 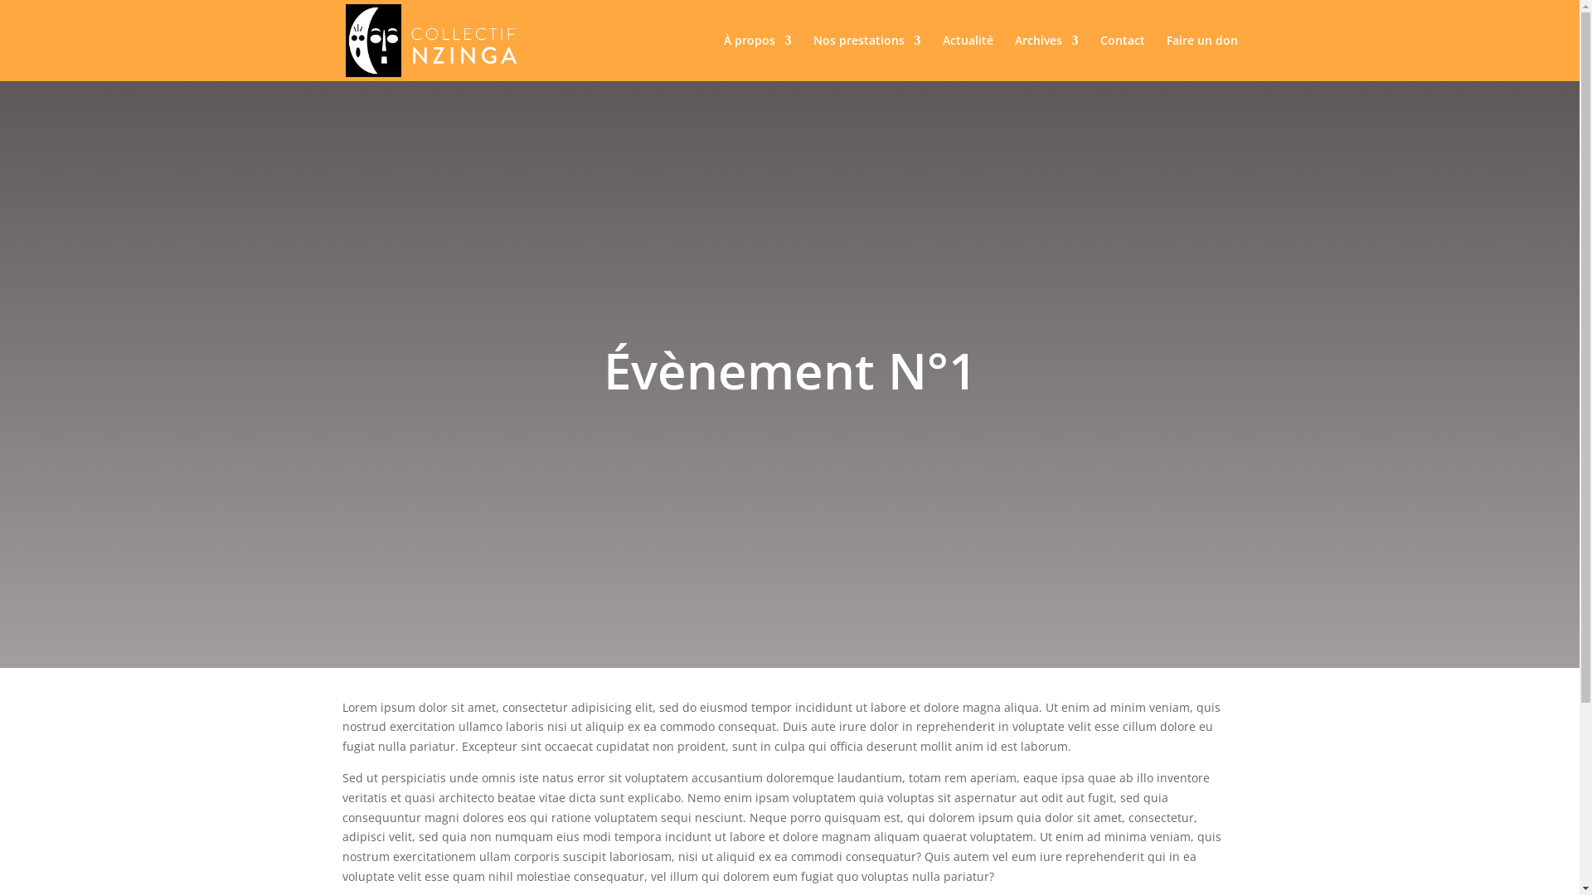 I want to click on 'Contact', so click(x=1122, y=56).